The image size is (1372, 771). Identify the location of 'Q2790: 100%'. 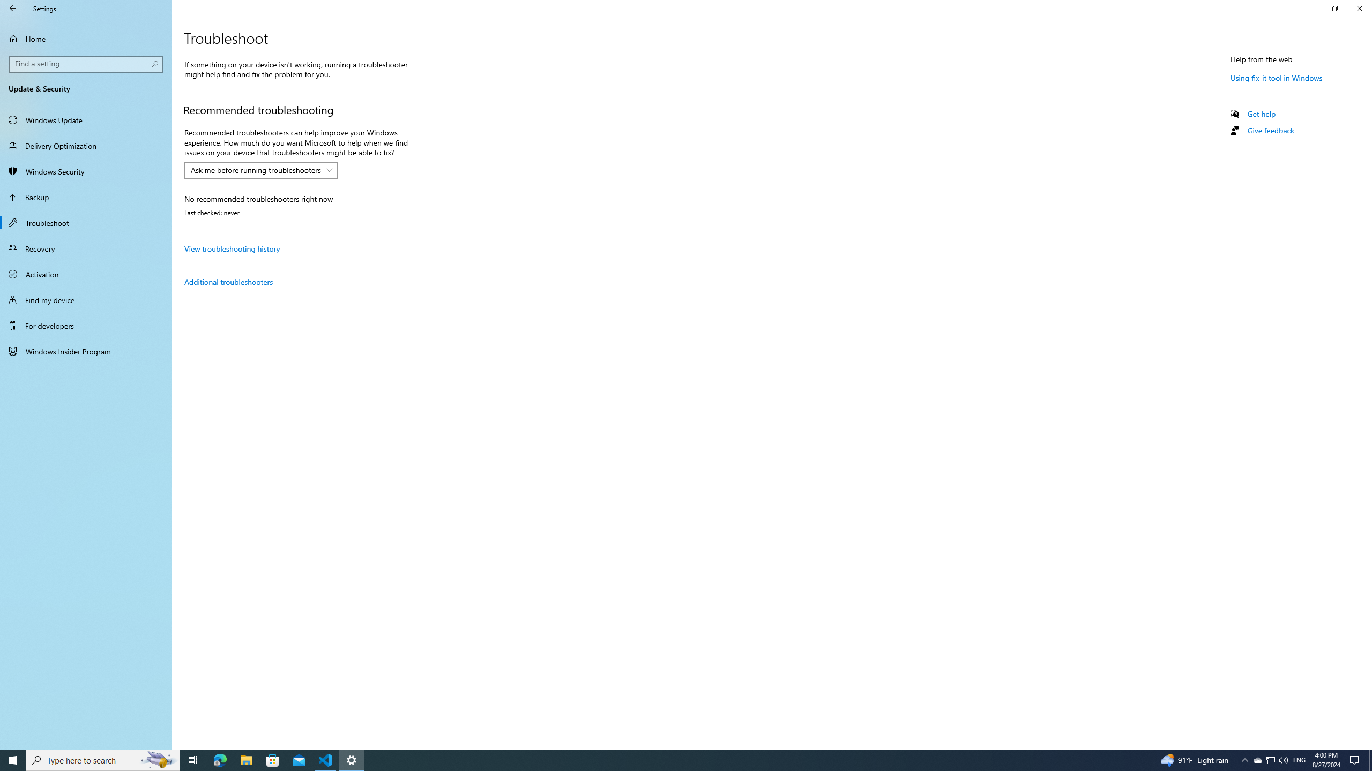
(1282, 759).